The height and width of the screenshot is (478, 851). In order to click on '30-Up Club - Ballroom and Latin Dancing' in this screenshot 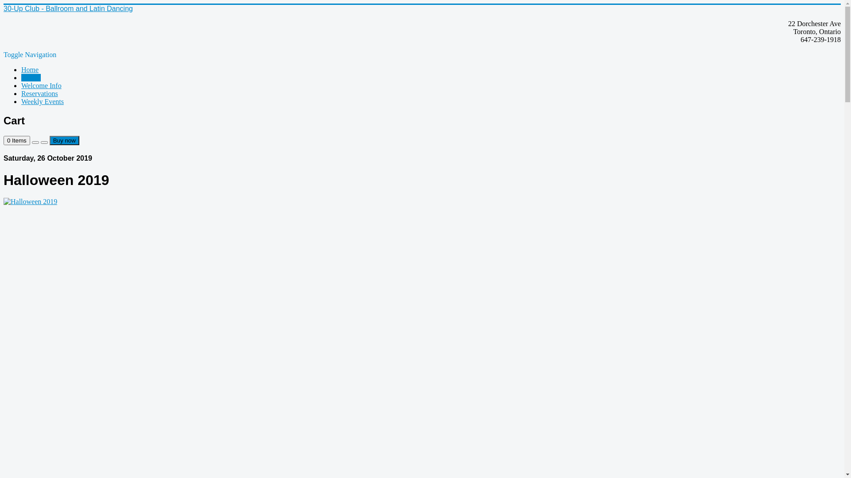, I will do `click(67, 8)`.